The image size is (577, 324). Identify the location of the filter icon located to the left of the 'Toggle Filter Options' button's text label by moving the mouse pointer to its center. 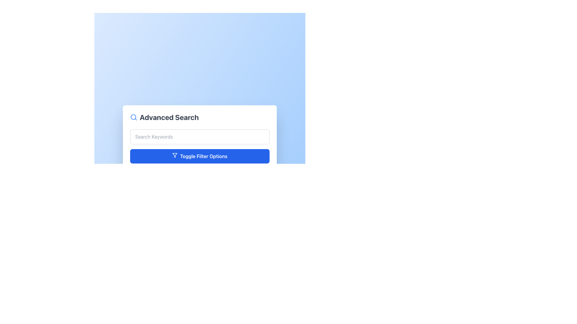
(175, 155).